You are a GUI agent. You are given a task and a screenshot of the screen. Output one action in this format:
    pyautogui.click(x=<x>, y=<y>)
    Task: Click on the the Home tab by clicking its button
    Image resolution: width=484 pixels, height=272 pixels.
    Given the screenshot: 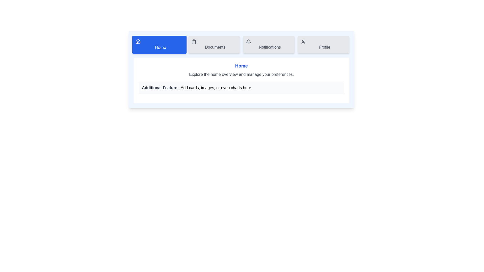 What is the action you would take?
    pyautogui.click(x=159, y=44)
    